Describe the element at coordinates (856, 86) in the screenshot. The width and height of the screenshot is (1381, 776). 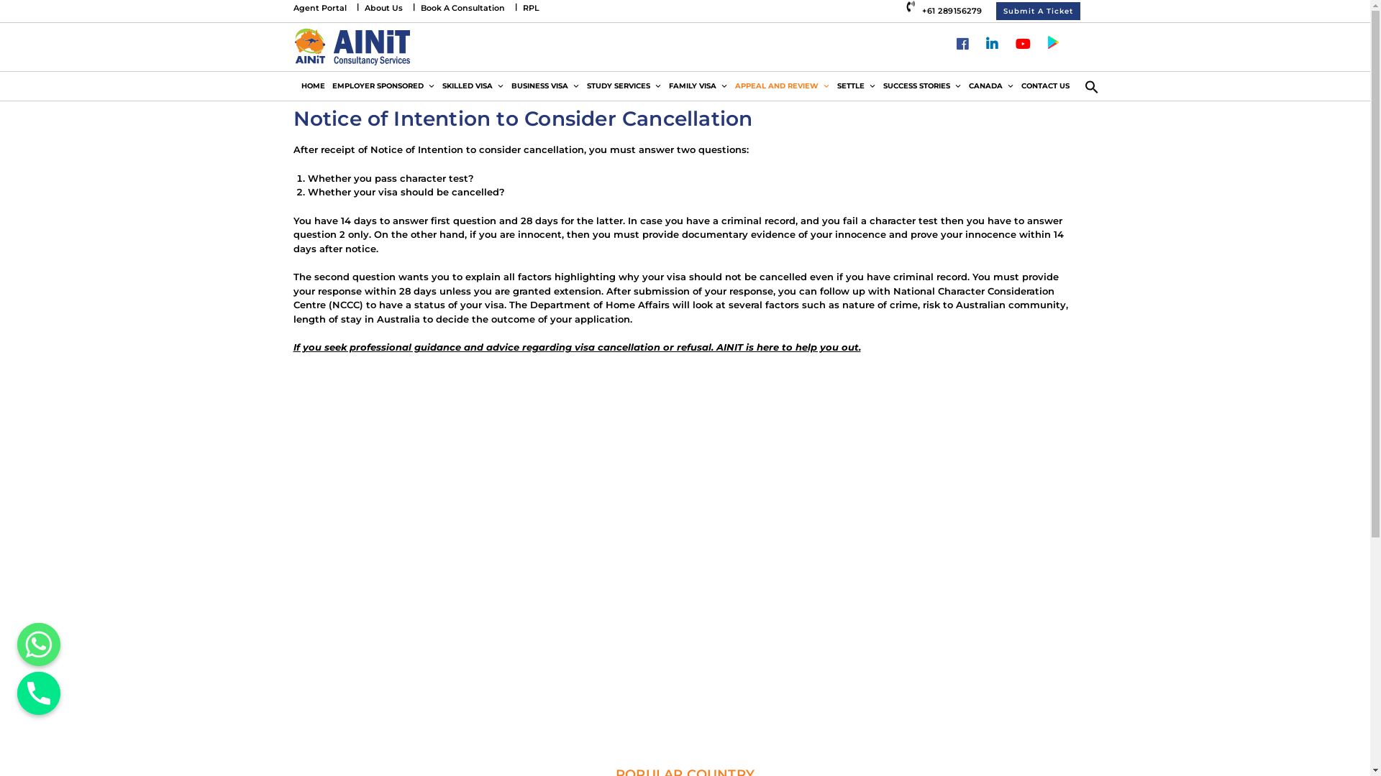
I see `'SETTLE'` at that location.